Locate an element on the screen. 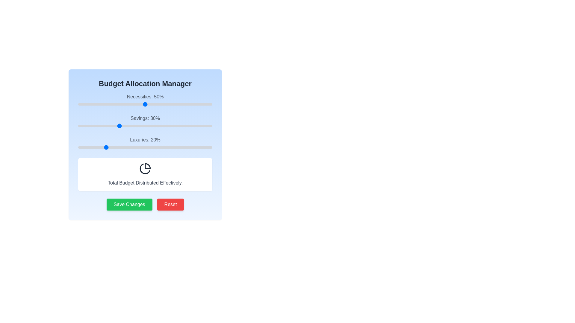 This screenshot has width=575, height=323. the 'Necessities' slider is located at coordinates (181, 104).